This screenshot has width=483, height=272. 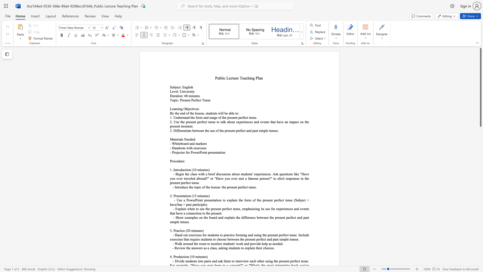 I want to click on the vertical scrollbar to lower the page content, so click(x=480, y=174).